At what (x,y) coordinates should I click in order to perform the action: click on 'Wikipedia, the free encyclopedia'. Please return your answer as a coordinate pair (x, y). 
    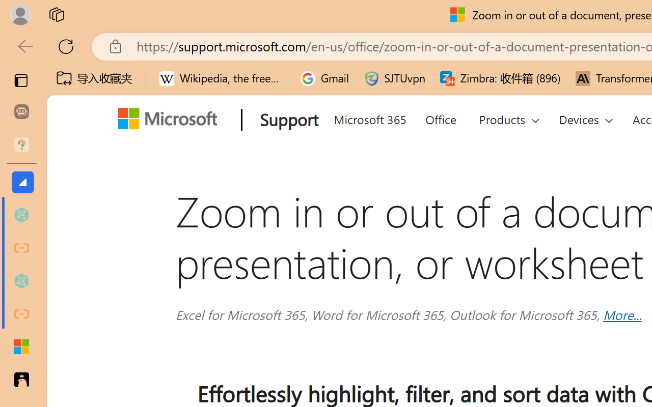
    Looking at the image, I should click on (222, 78).